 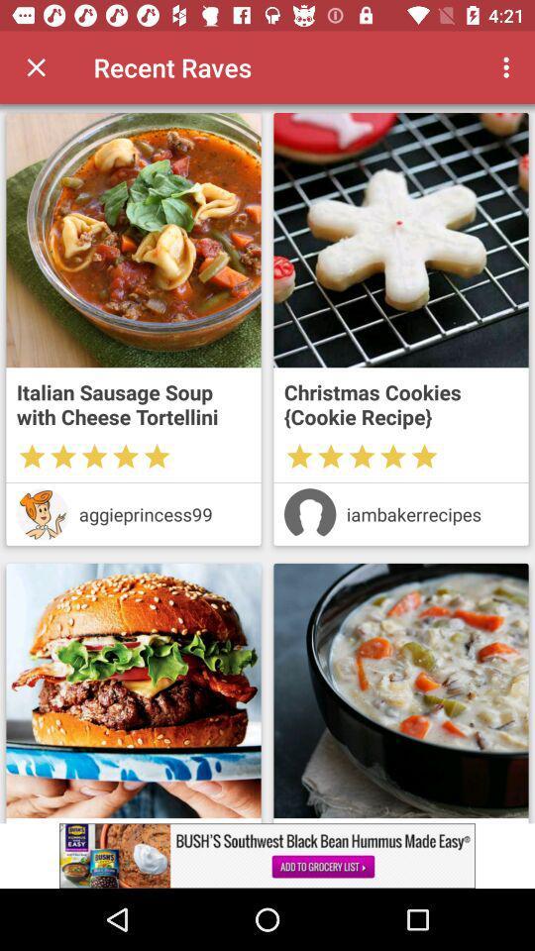 What do you see at coordinates (401, 239) in the screenshot?
I see `recipe` at bounding box center [401, 239].